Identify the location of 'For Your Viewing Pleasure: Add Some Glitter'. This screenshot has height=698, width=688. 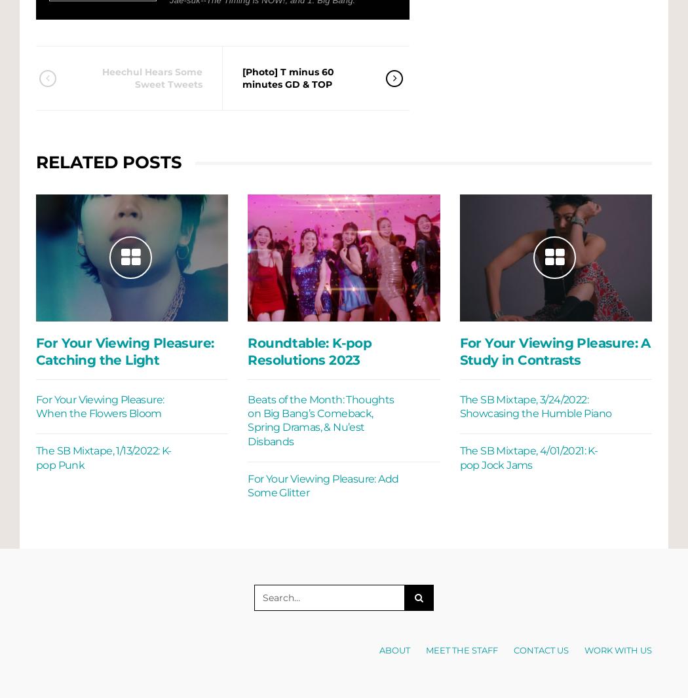
(322, 485).